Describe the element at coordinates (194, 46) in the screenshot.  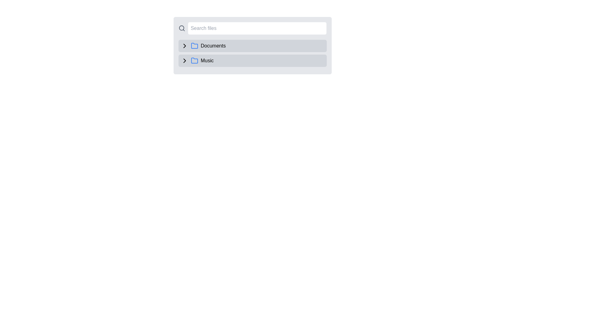
I see `the folder icon representing the 'Documents' entry` at that location.